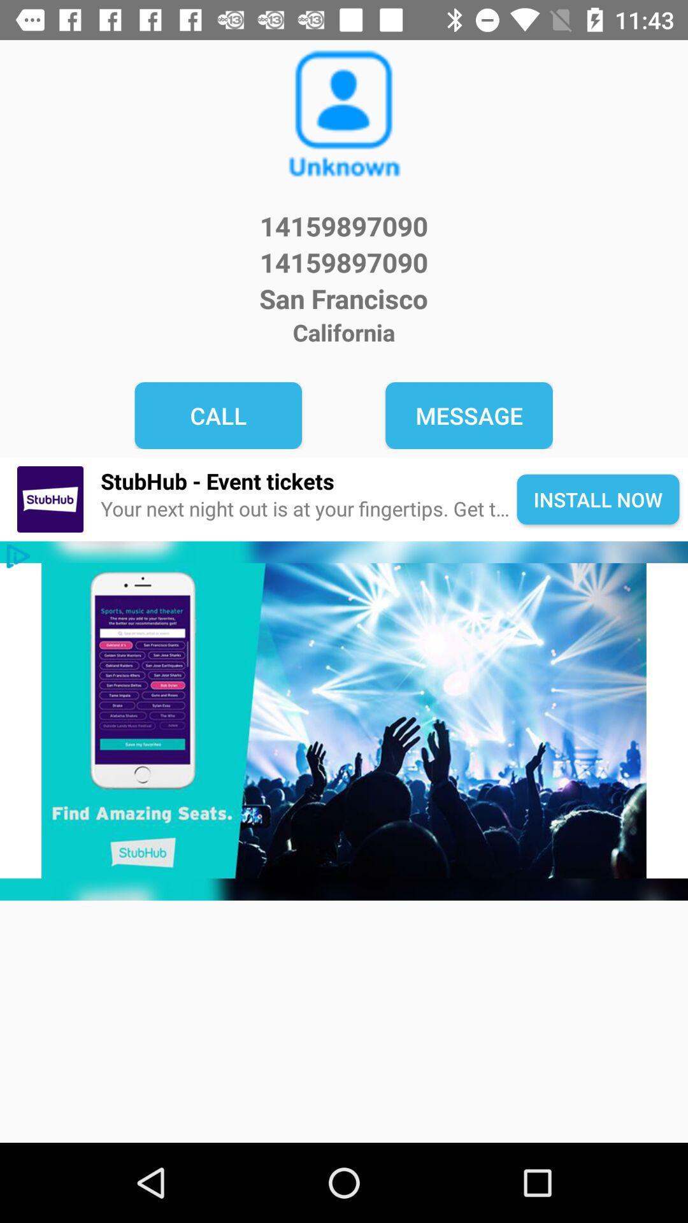 This screenshot has width=688, height=1223. I want to click on your next night icon, so click(308, 508).